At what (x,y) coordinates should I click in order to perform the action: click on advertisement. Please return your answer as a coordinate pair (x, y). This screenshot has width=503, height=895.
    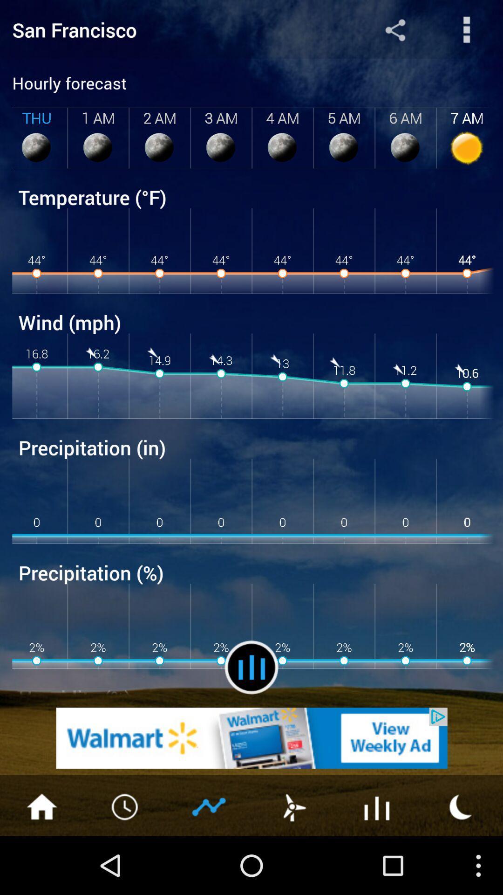
    Looking at the image, I should click on (251, 737).